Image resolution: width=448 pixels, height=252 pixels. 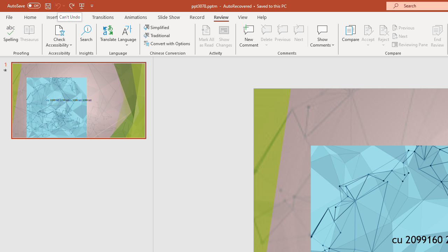 I want to click on 'Reject', so click(x=383, y=36).